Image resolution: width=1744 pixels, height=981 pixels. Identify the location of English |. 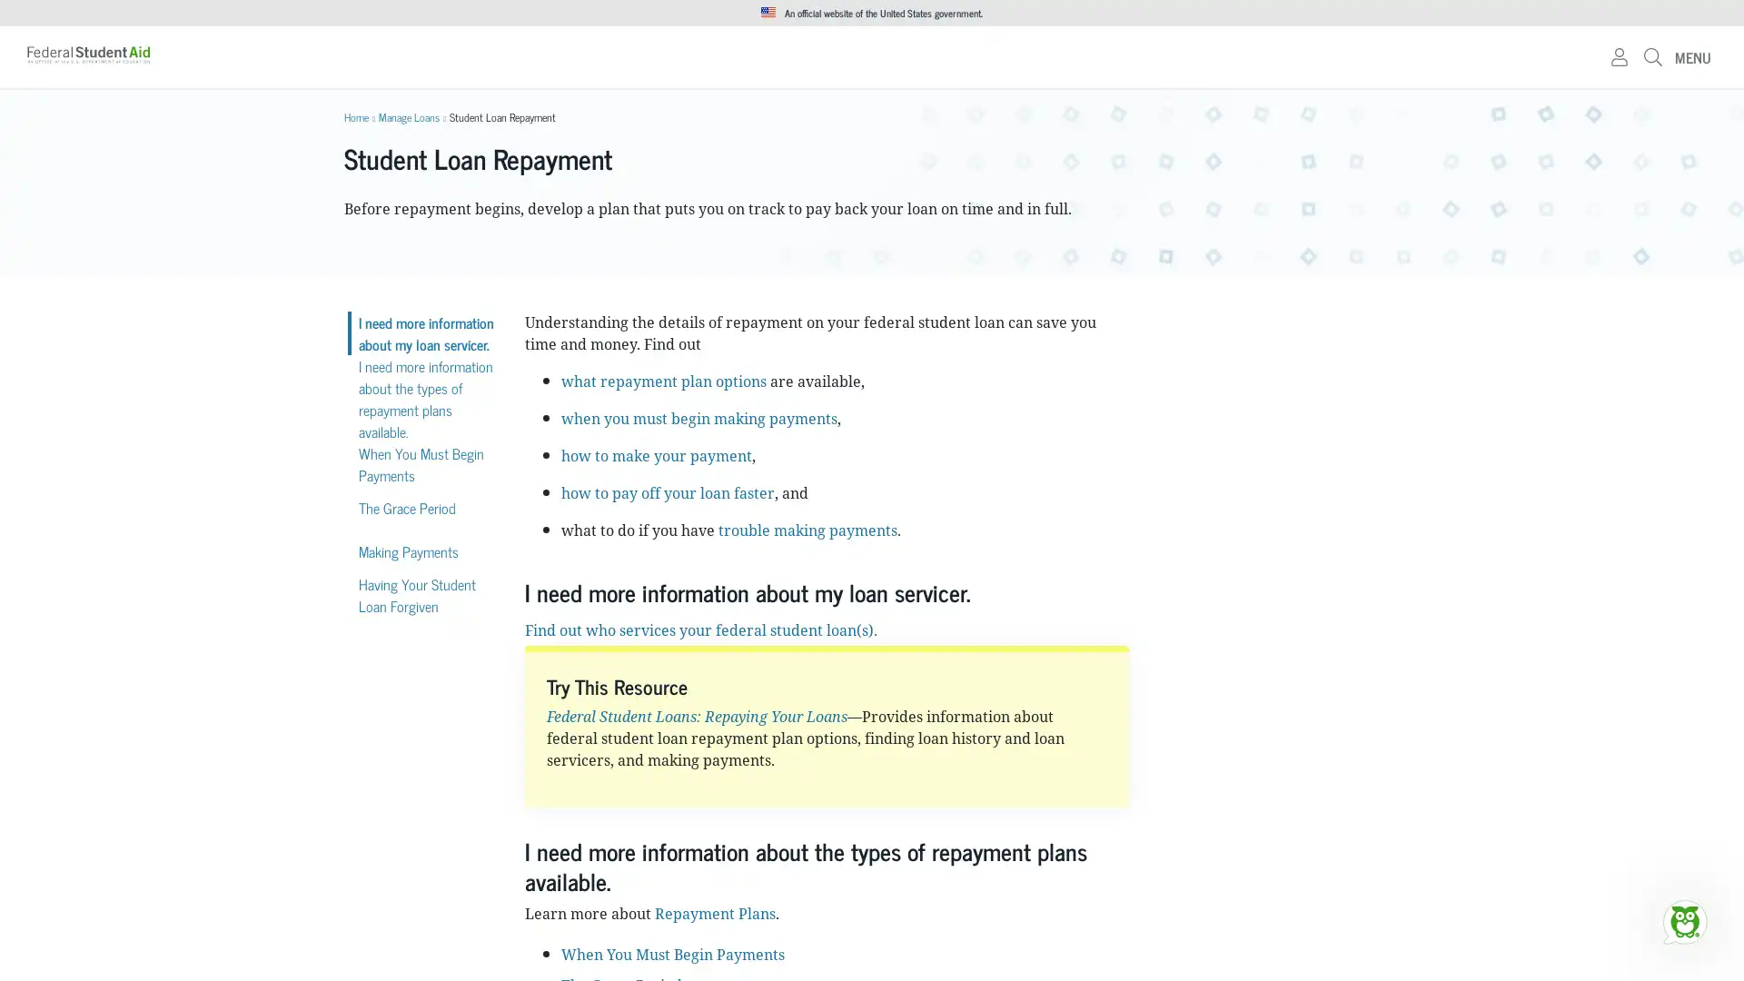
(1338, 14).